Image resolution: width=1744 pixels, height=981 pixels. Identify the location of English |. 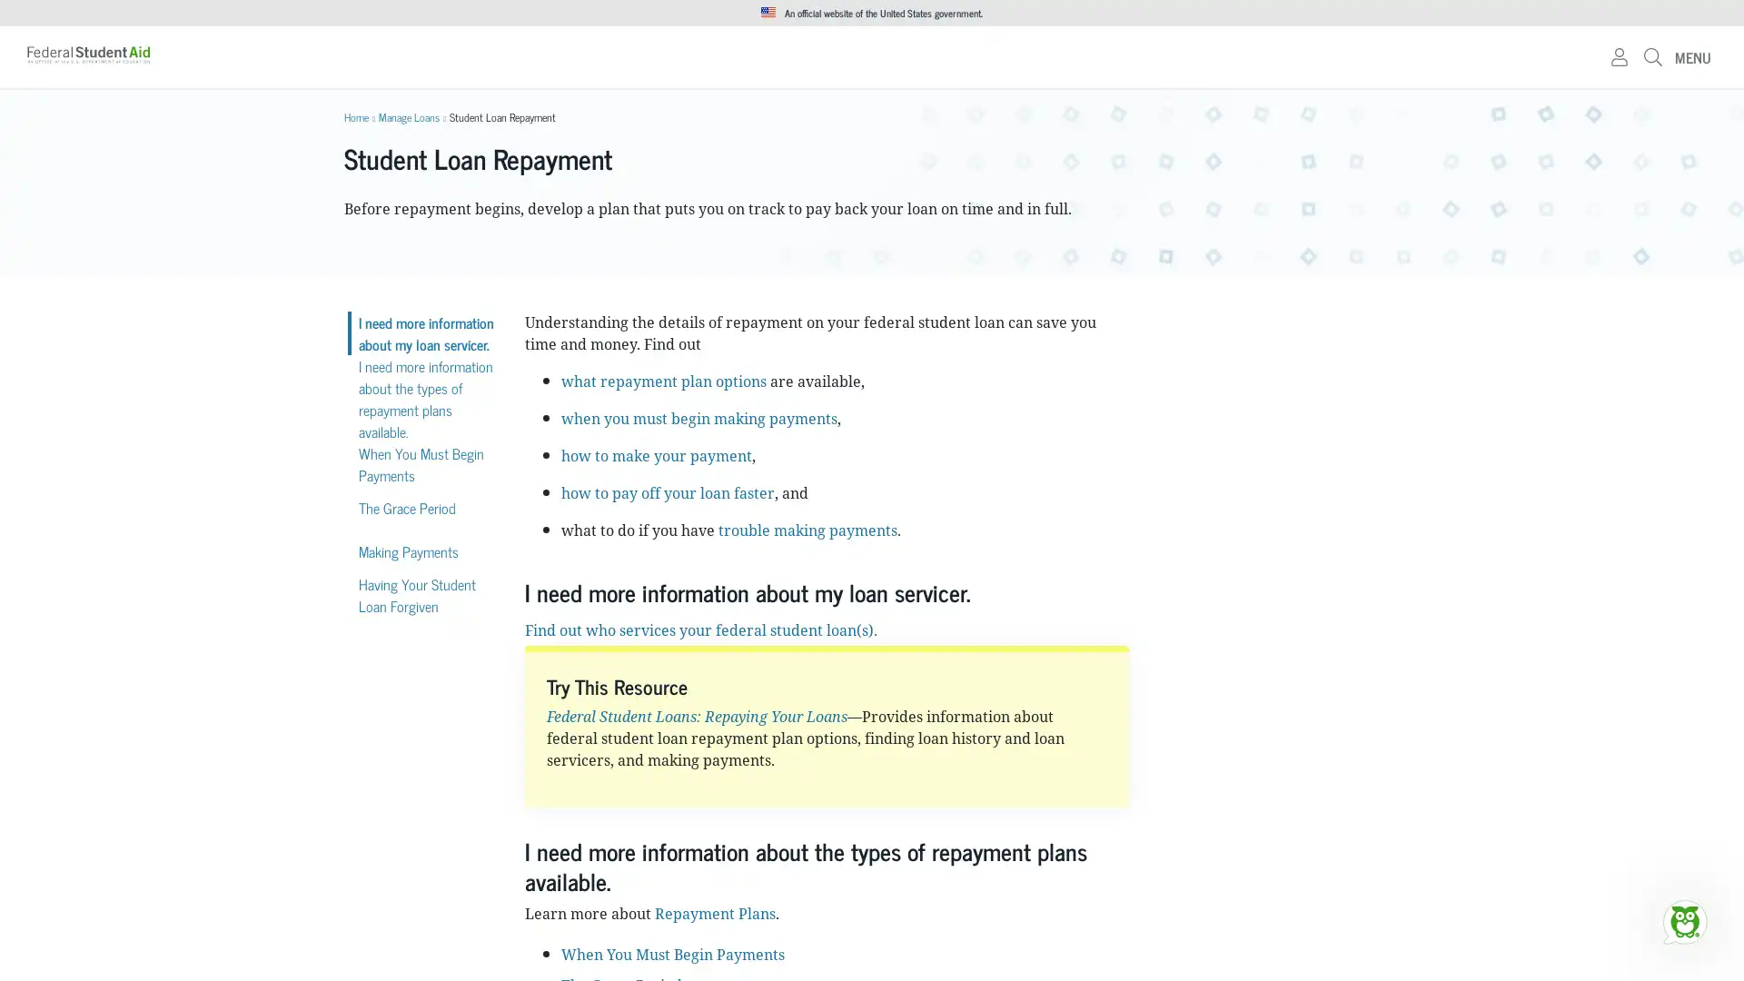
(1338, 14).